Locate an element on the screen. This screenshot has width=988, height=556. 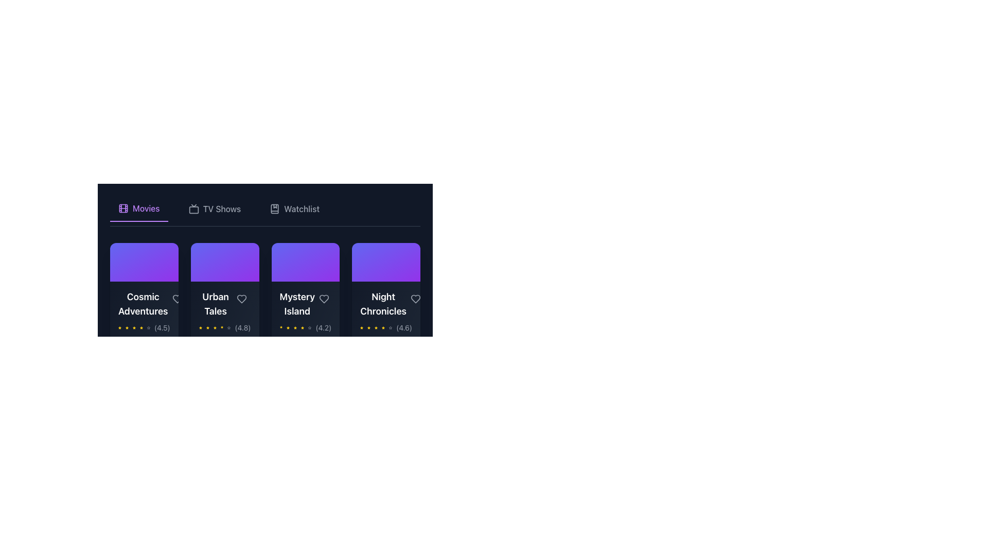
the Rating display element for the movie 'Urban Tales', positioned between the title and genre description is located at coordinates (224, 327).